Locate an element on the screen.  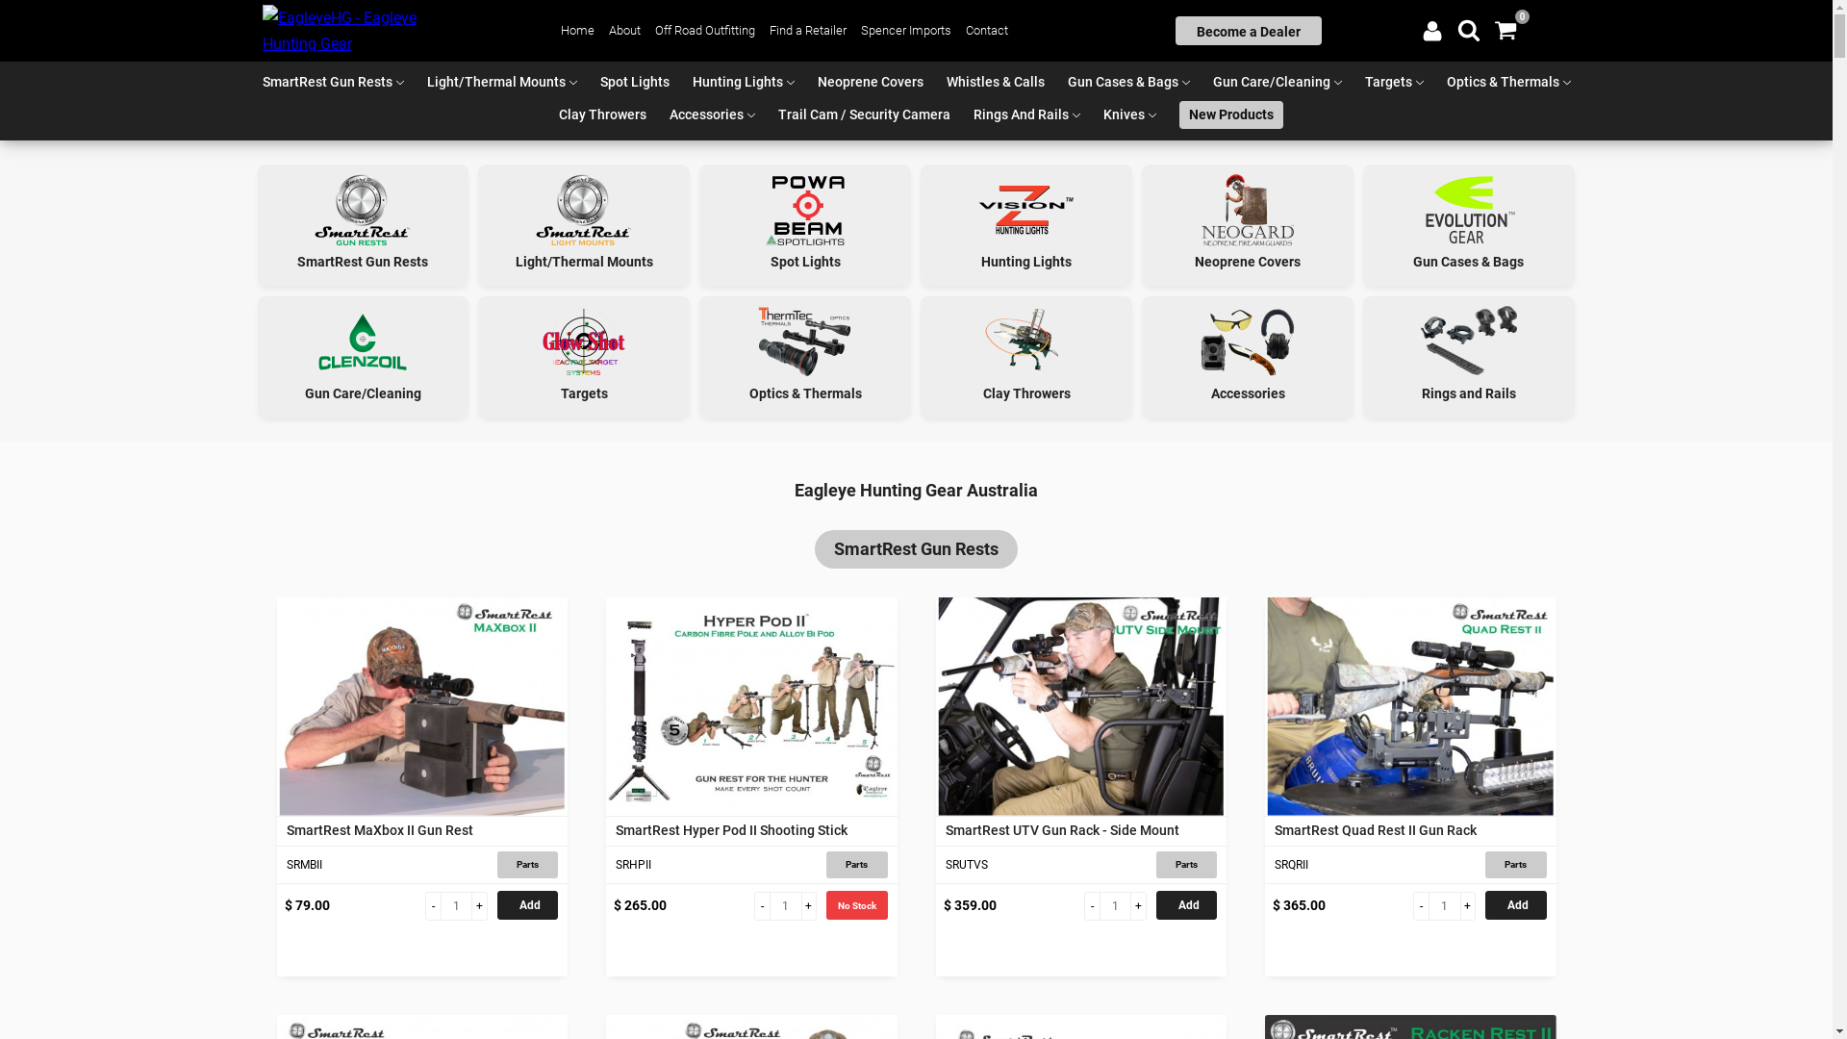
'Whistles & Calls' is located at coordinates (996, 81).